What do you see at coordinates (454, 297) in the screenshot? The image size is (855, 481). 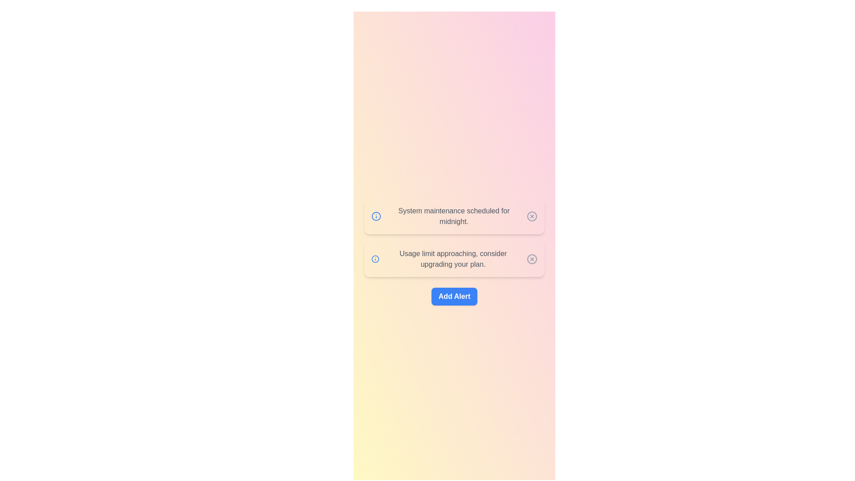 I see `the 'Add Alert' button` at bounding box center [454, 297].